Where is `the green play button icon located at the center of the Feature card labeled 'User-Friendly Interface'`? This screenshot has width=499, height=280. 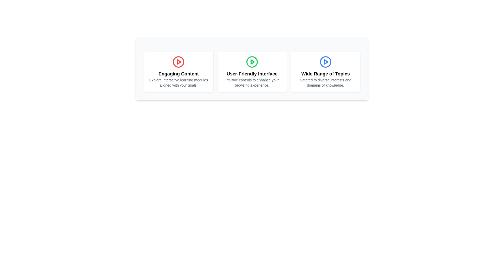 the green play button icon located at the center of the Feature card labeled 'User-Friendly Interface' is located at coordinates (252, 72).